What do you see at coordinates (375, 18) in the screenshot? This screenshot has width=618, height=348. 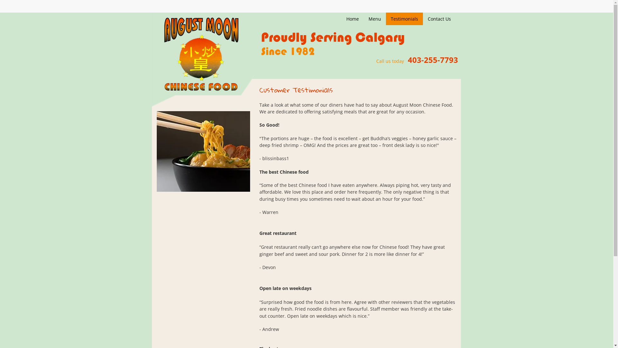 I see `'Menu'` at bounding box center [375, 18].